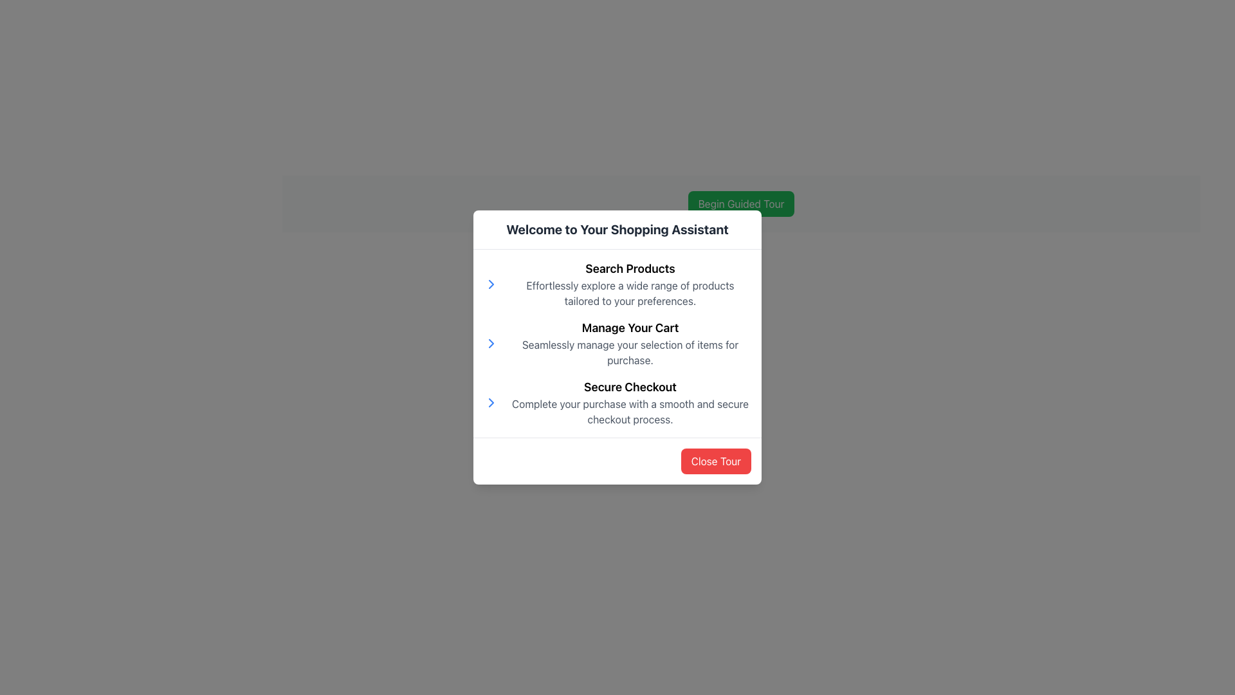  What do you see at coordinates (490, 284) in the screenshot?
I see `the visual cue icon indicating additional details or a link in the 'Manage Your Cart' section, located left of the 'Manage Your Cart' section and between 'Search Products' and 'Secure Checkout'` at bounding box center [490, 284].